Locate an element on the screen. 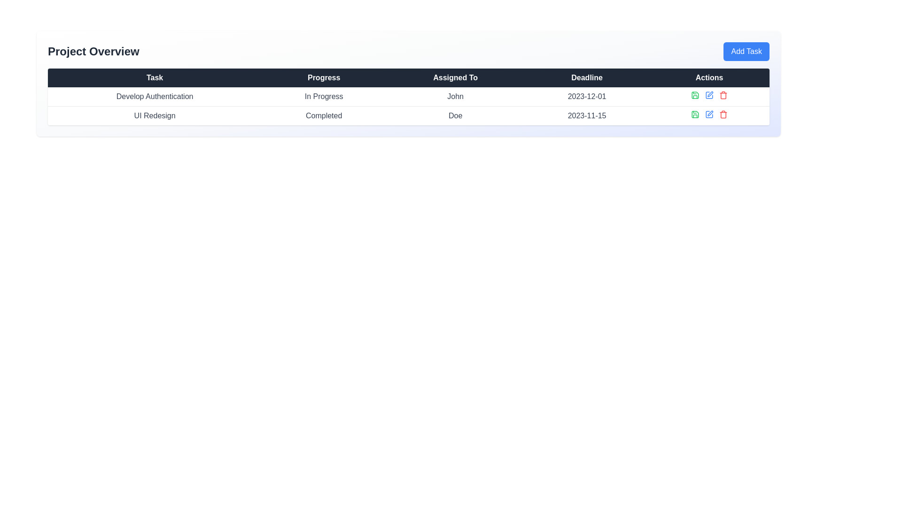 The width and height of the screenshot is (902, 507). text from the 'UI Redesign' label, which is styled in gray and is located in the first column of the second row under the 'Task' header in the 'Project Overview' section is located at coordinates (155, 115).